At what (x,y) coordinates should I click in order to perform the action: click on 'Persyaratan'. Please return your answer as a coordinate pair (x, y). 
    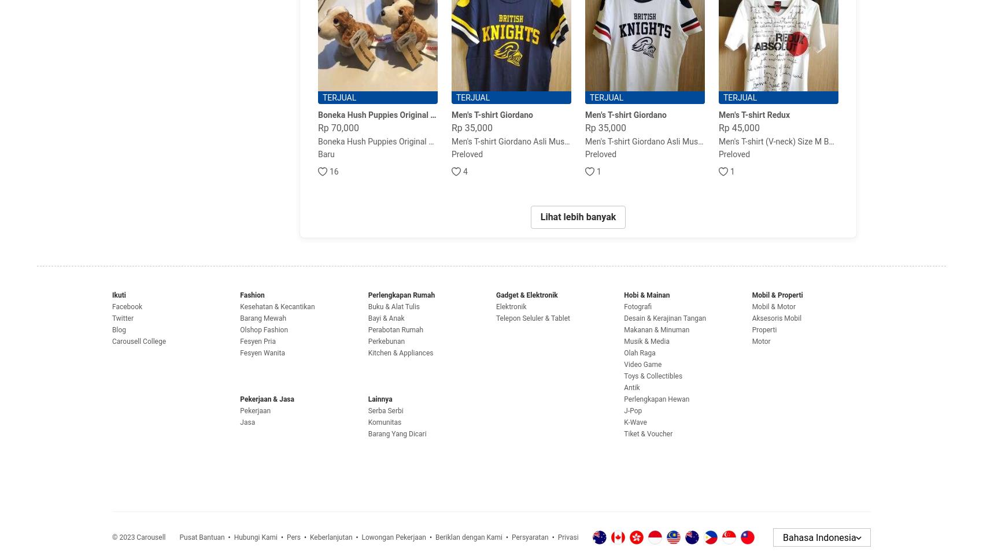
    Looking at the image, I should click on (530, 537).